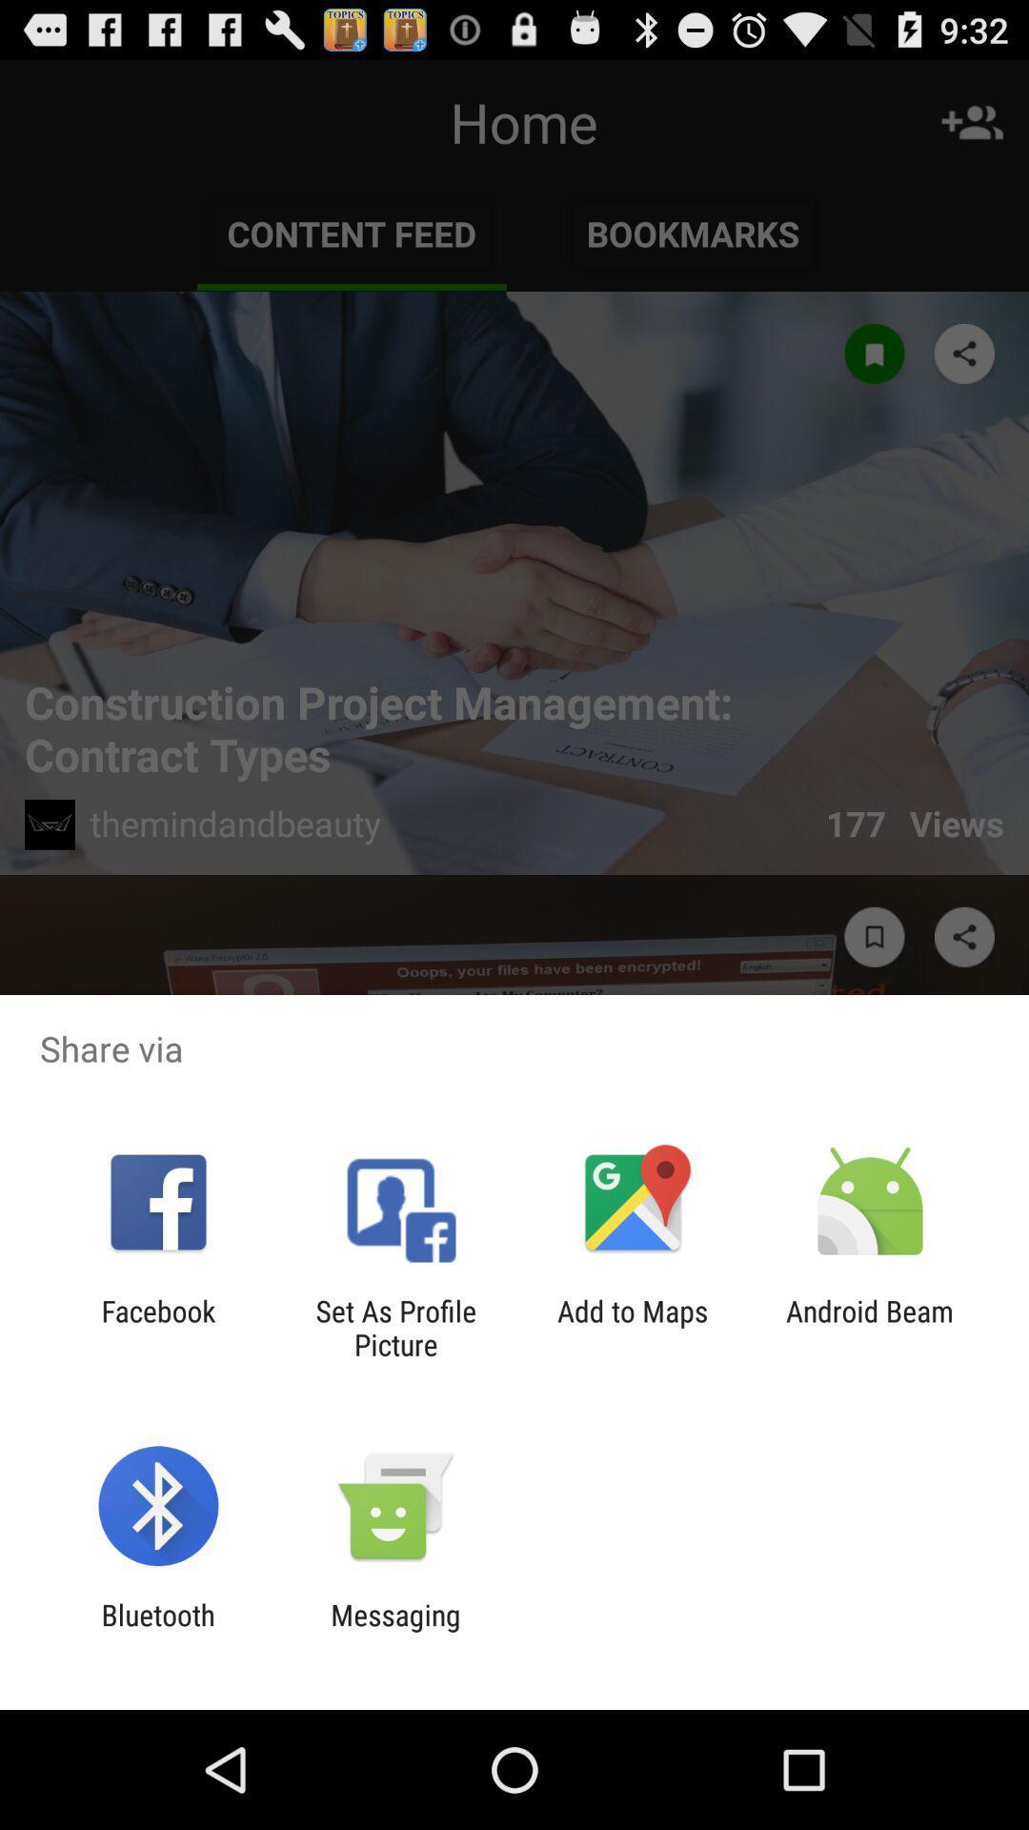 This screenshot has width=1029, height=1830. I want to click on the app to the right of facebook item, so click(394, 1327).